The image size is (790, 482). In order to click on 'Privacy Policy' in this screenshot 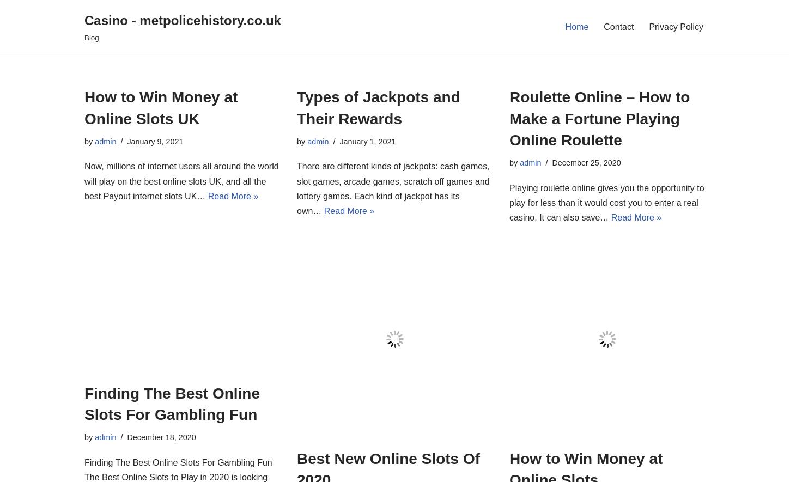, I will do `click(676, 26)`.